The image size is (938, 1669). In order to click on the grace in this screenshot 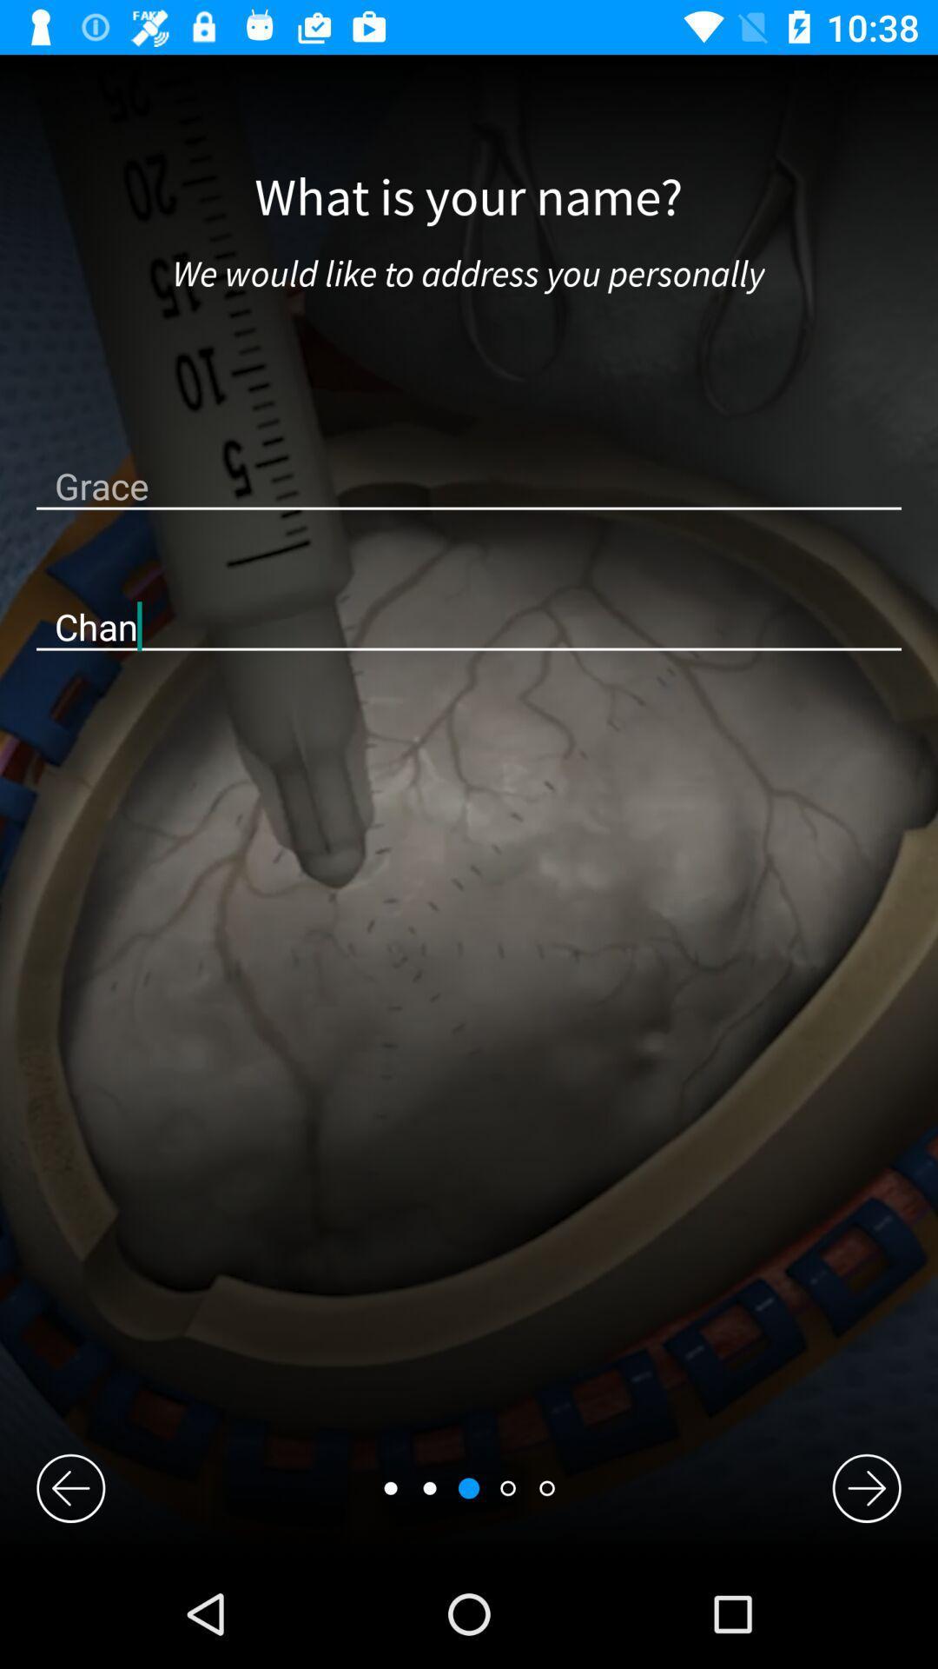, I will do `click(469, 485)`.